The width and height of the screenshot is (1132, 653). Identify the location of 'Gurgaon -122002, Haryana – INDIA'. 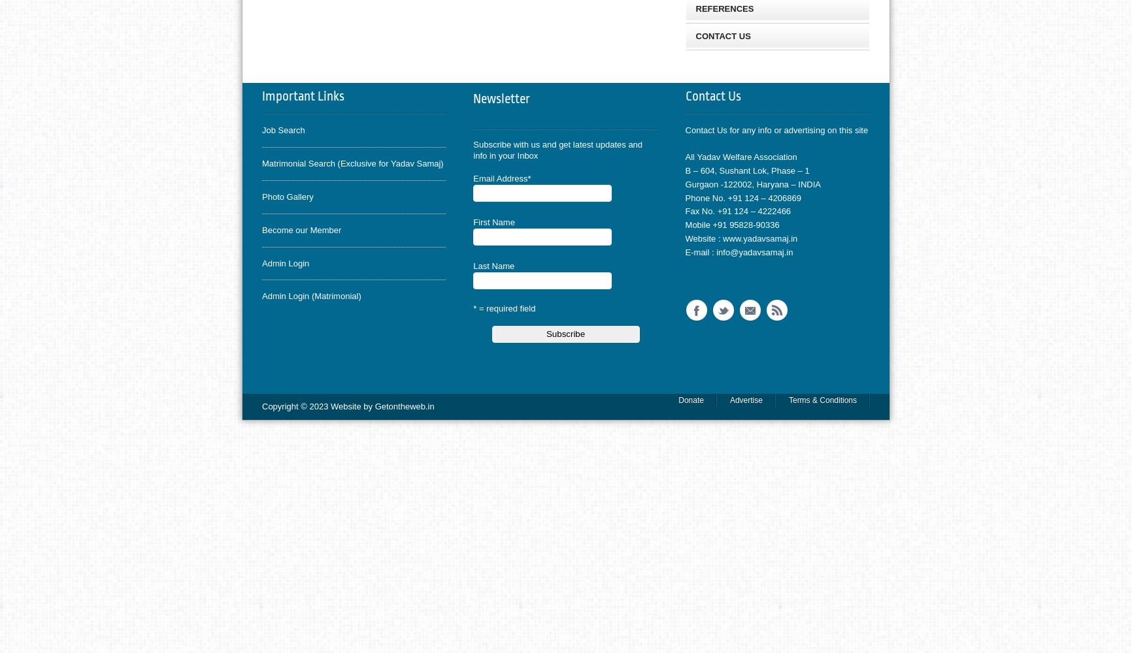
(752, 183).